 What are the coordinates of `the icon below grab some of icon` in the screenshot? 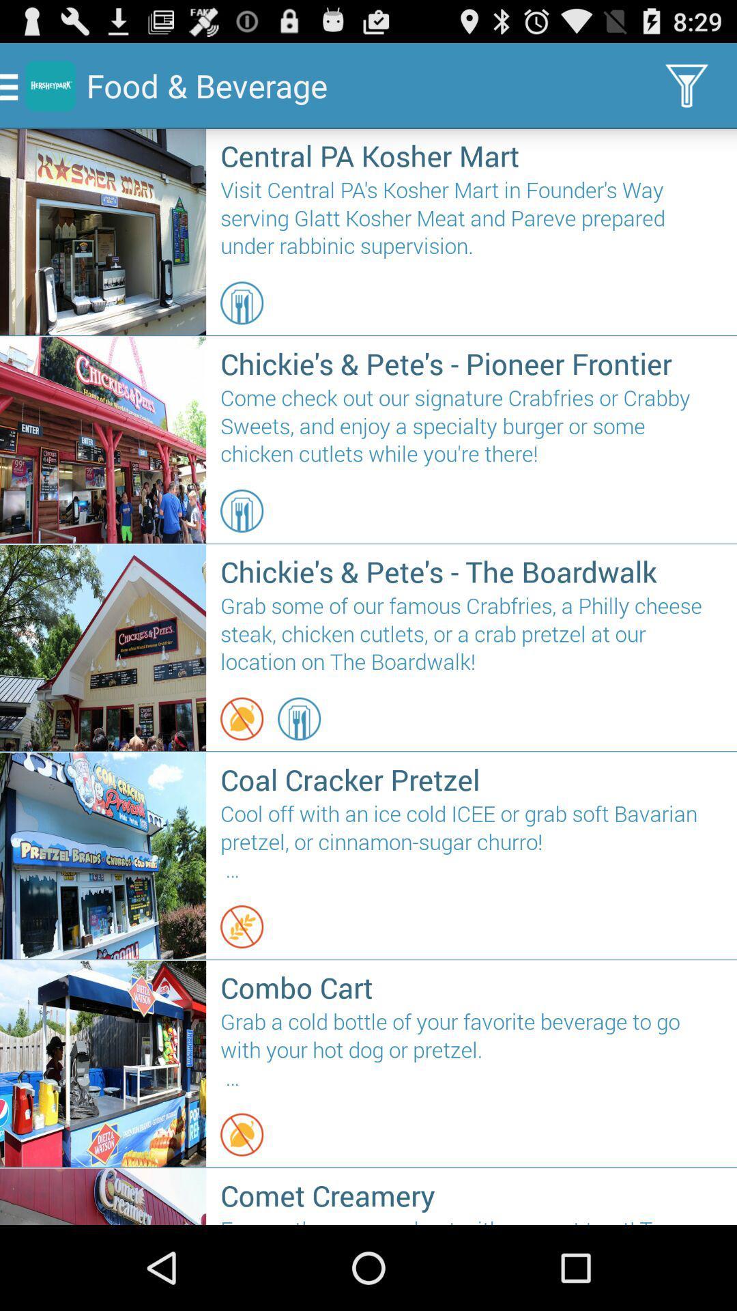 It's located at (298, 718).